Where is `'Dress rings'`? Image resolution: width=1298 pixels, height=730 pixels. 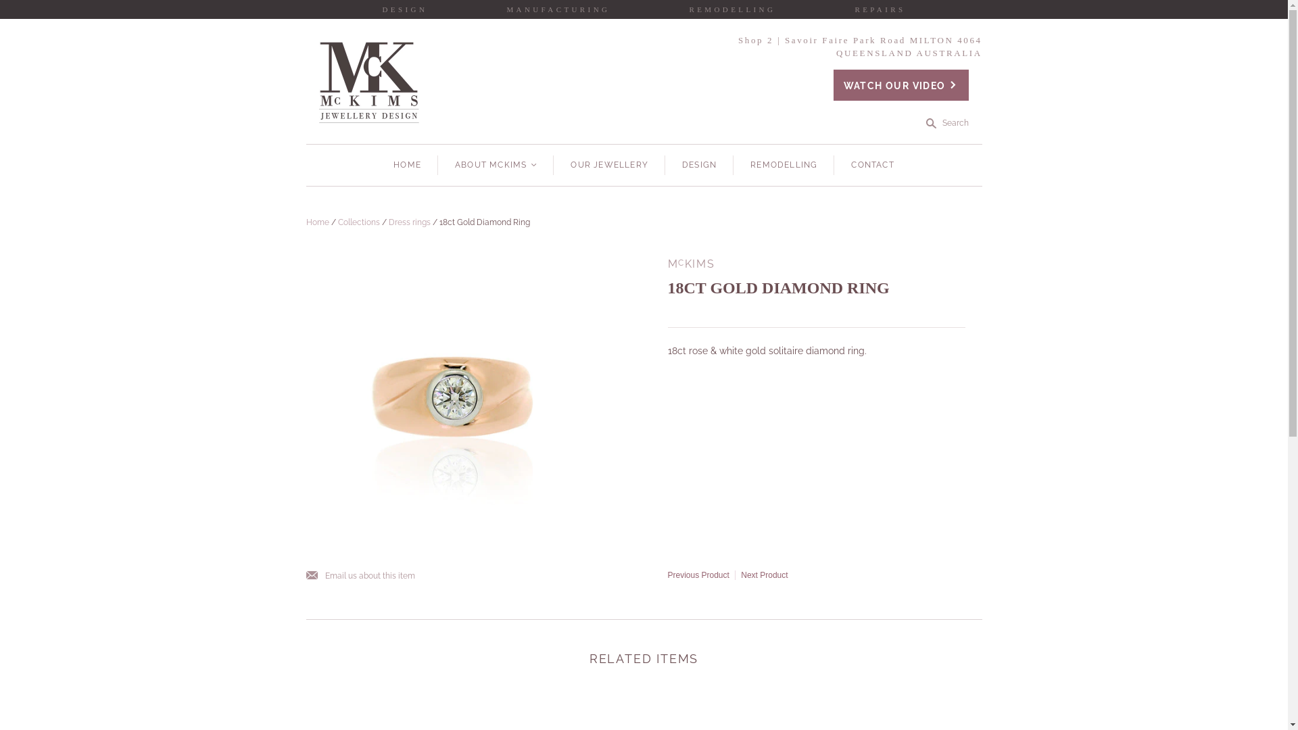
'Dress rings' is located at coordinates (387, 221).